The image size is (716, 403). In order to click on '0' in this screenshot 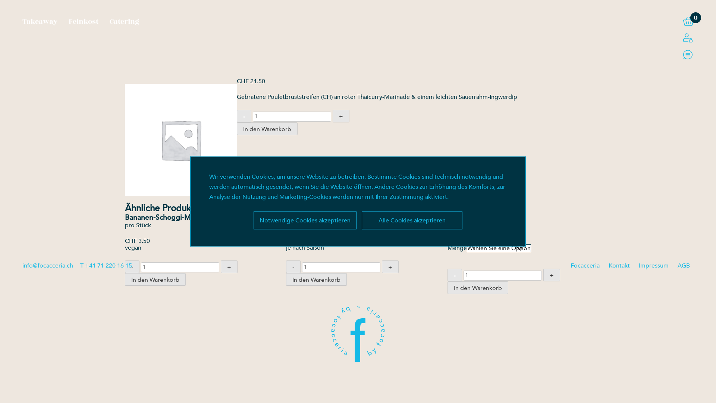, I will do `click(688, 21)`.